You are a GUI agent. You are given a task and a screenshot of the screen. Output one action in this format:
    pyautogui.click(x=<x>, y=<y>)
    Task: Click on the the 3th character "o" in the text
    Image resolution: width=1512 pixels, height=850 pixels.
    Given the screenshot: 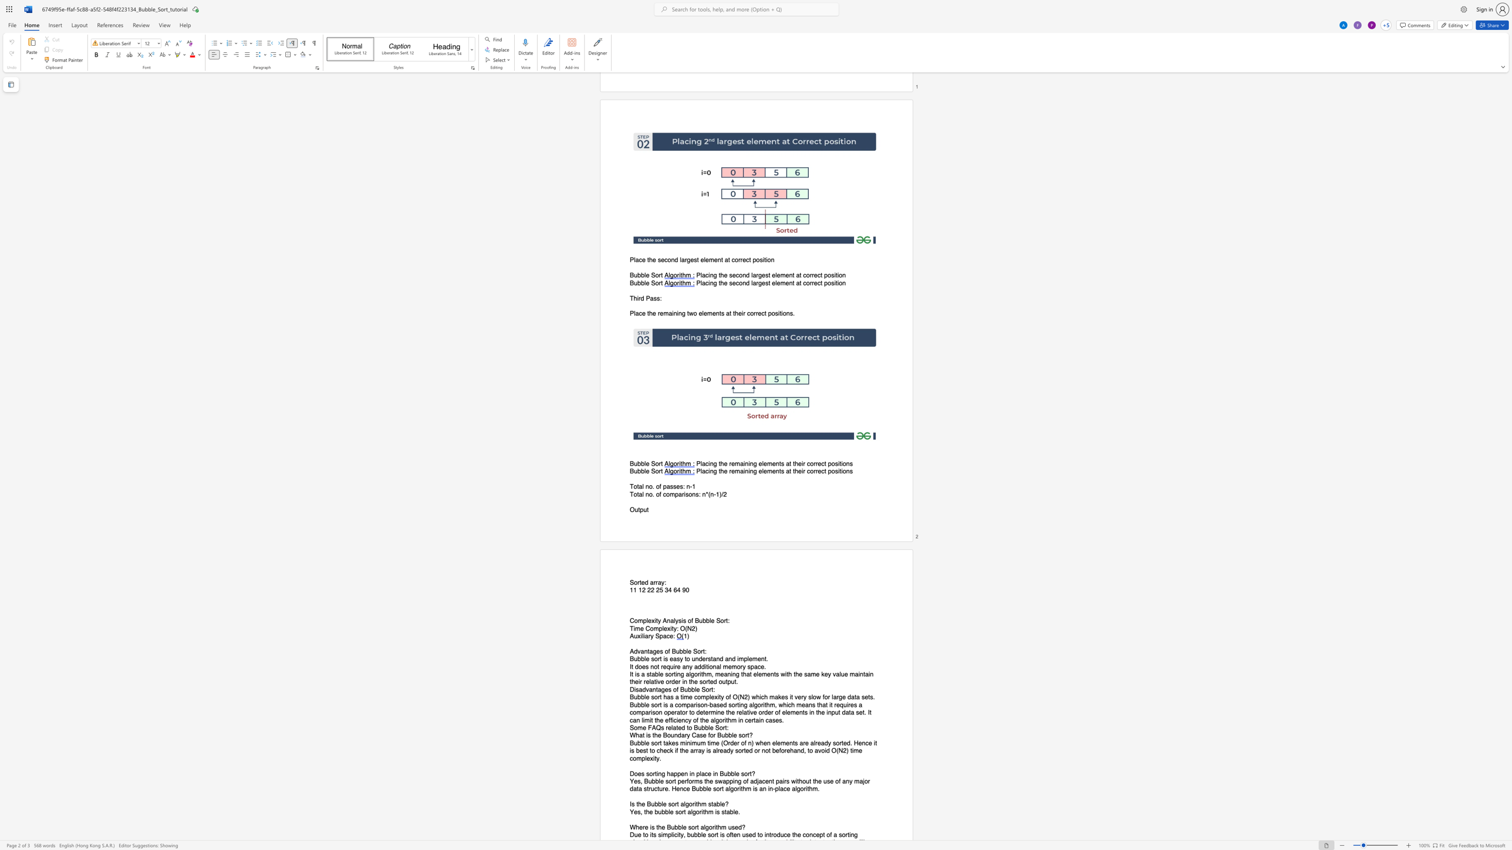 What is the action you would take?
    pyautogui.click(x=727, y=696)
    